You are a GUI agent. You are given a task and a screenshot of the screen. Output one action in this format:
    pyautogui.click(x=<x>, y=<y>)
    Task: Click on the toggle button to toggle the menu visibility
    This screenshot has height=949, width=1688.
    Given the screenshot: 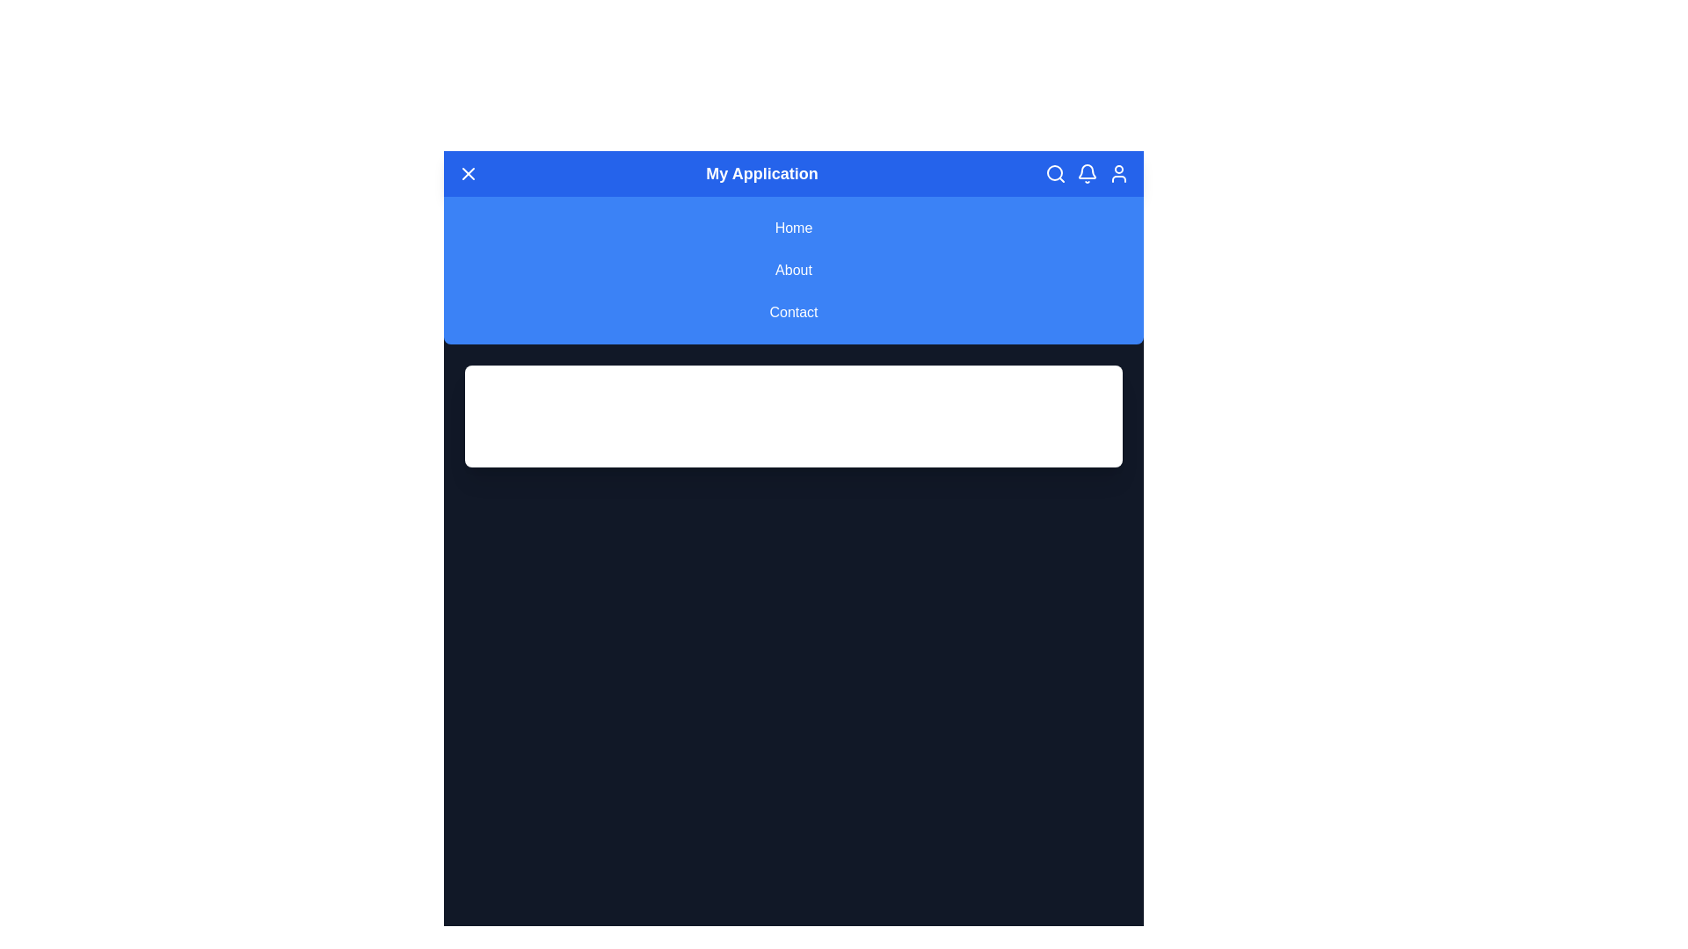 What is the action you would take?
    pyautogui.click(x=468, y=173)
    